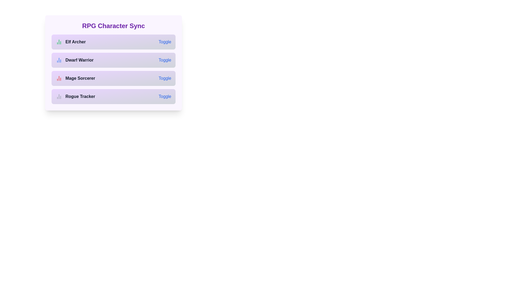 The image size is (513, 289). What do you see at coordinates (113, 69) in the screenshot?
I see `the second list item in the purple-themed card layout, which features a character name and a toggle option` at bounding box center [113, 69].